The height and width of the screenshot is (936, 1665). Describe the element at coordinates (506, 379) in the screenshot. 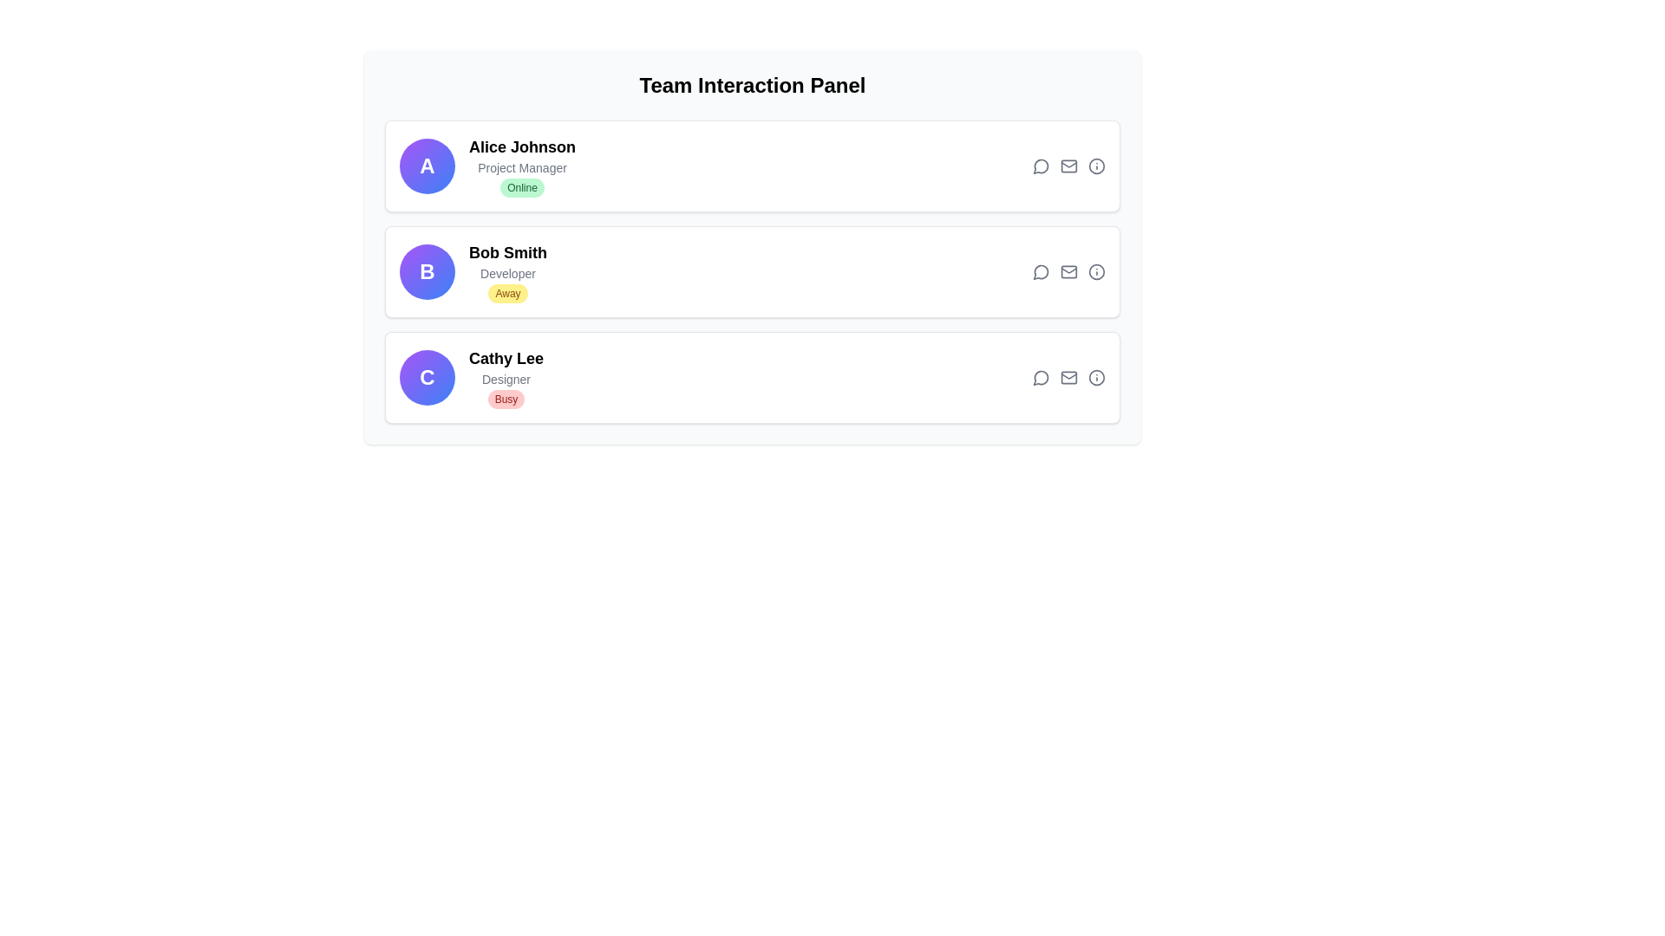

I see `the text descriptor for user 'Cathy Lee' indicating her role as 'Designer', which is located in the profile section of the 'Team Interaction Panel'` at that location.